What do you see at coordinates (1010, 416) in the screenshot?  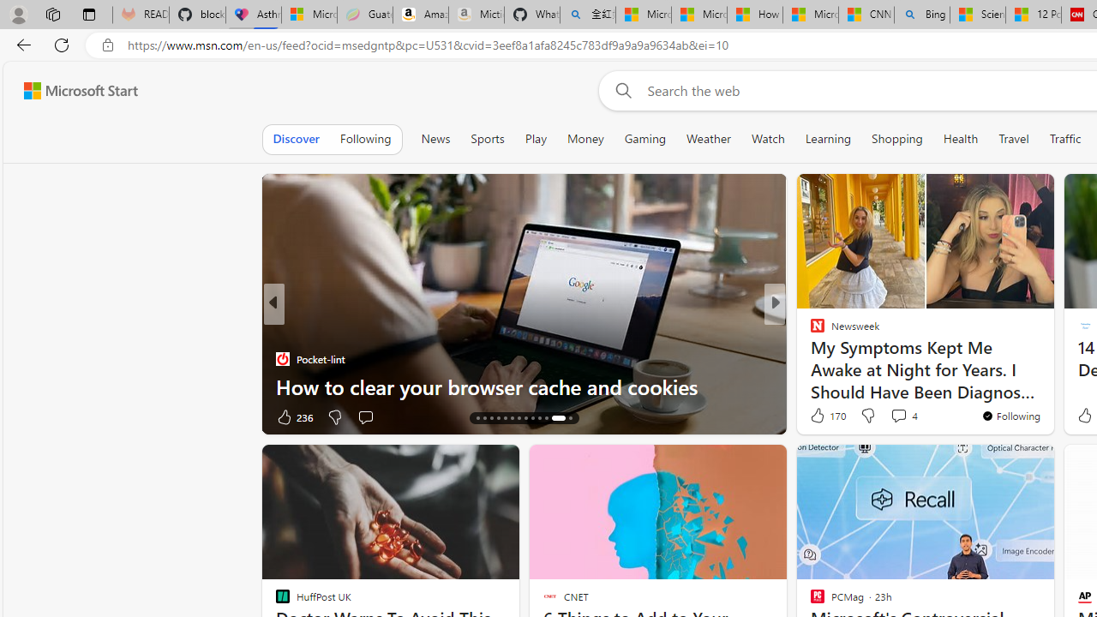 I see `'You'` at bounding box center [1010, 416].